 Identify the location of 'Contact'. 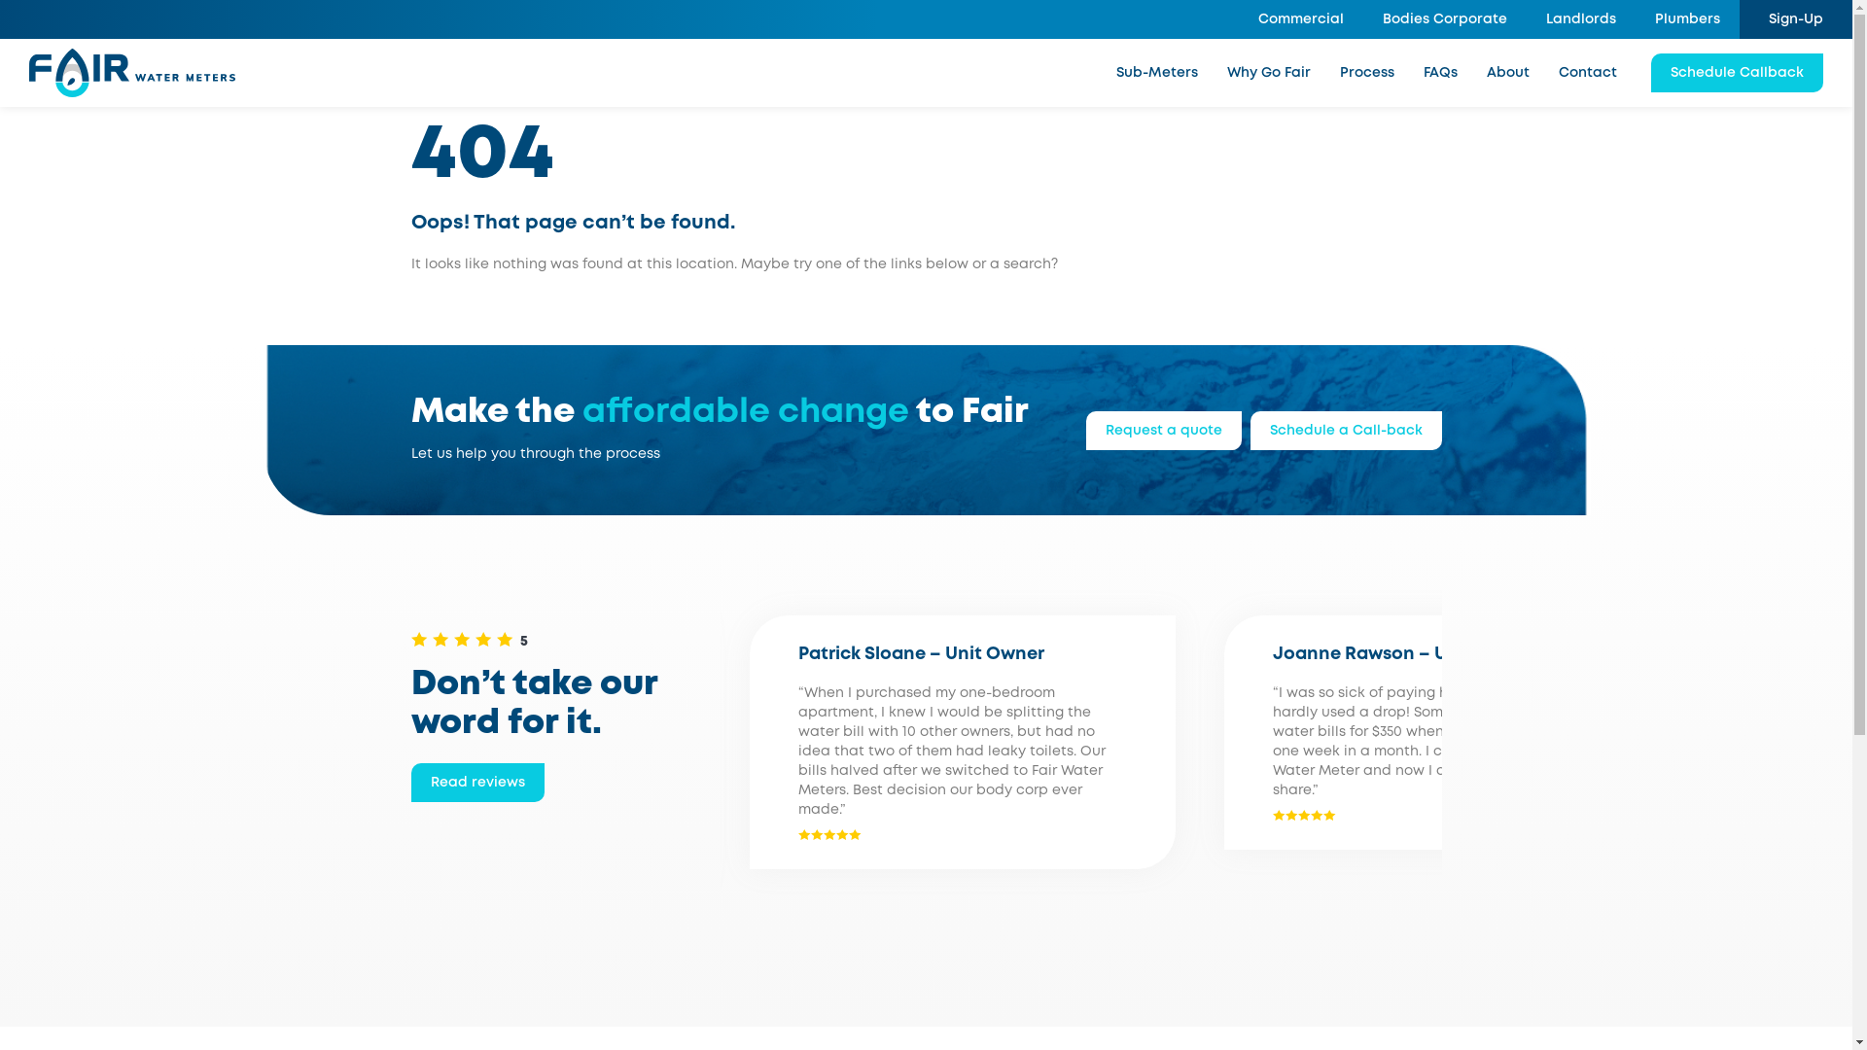
(1587, 71).